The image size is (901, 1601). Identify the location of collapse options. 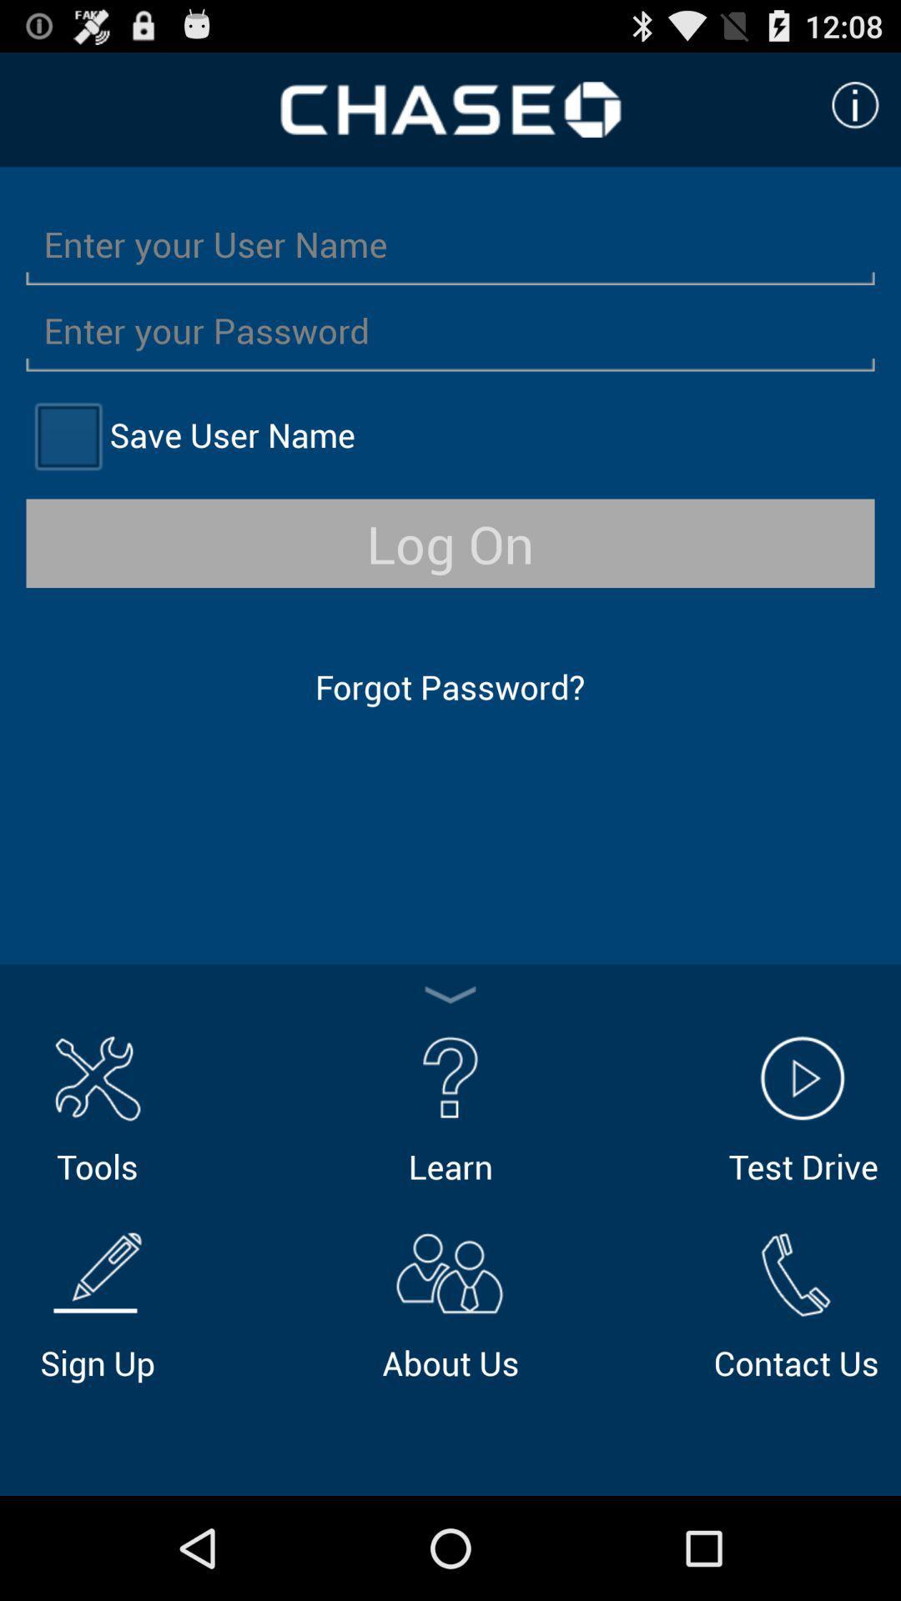
(450, 995).